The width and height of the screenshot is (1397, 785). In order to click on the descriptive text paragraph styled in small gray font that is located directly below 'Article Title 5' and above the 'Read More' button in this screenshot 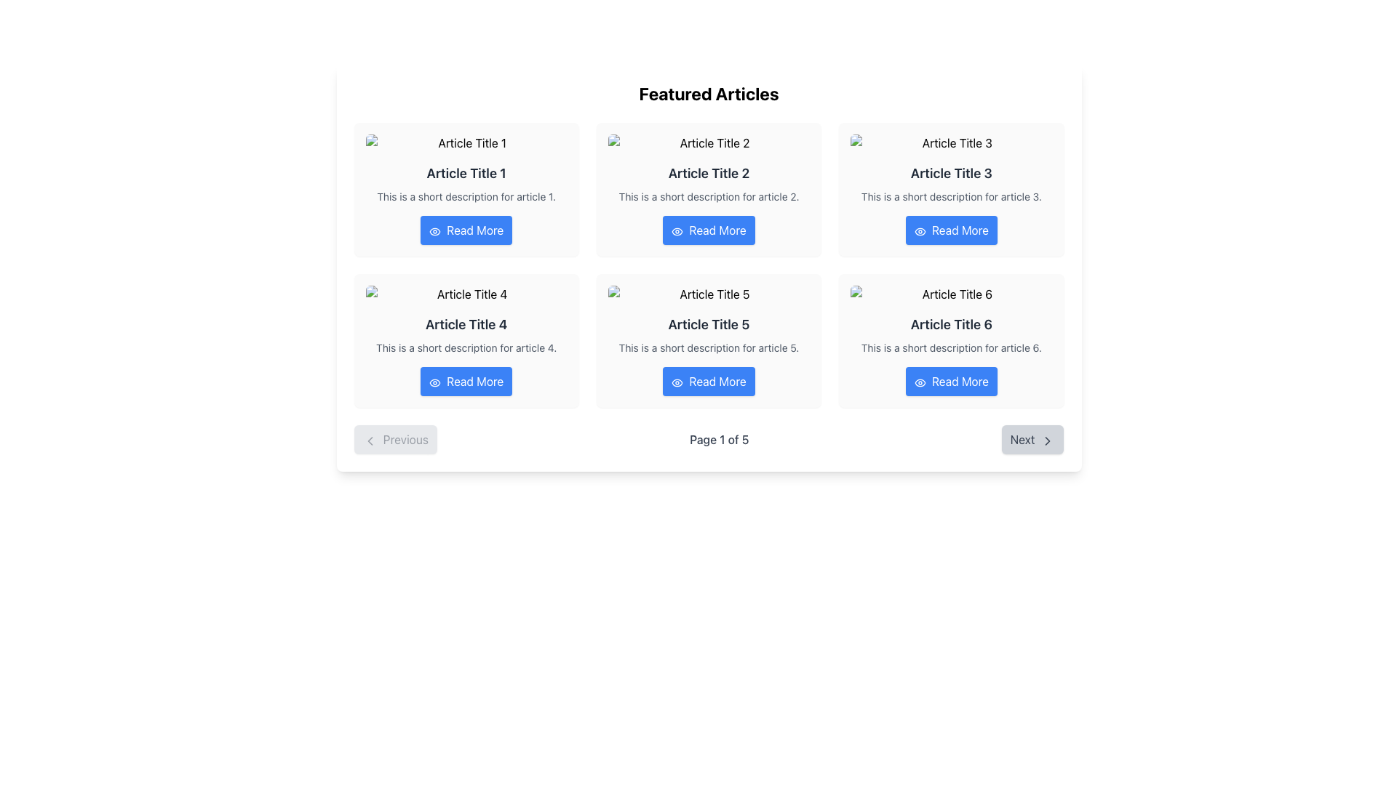, I will do `click(709, 347)`.